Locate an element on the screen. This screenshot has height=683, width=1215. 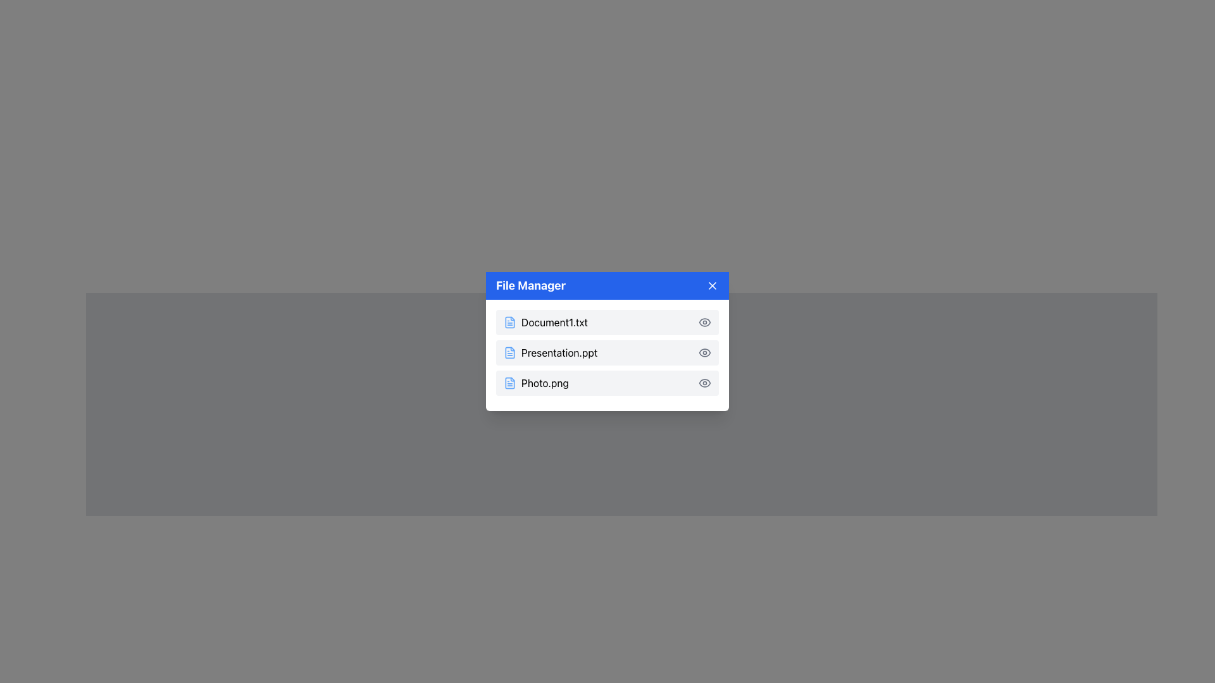
the list item labeled 'Photo.png' with a blue document icon is located at coordinates (536, 382).